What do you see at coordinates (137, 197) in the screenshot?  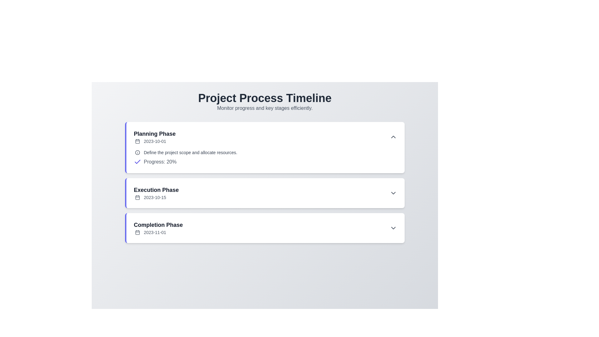 I see `the Calendar Icon located in the 'Execution Phase' section, positioned to the left of the date '2023-10-15'` at bounding box center [137, 197].